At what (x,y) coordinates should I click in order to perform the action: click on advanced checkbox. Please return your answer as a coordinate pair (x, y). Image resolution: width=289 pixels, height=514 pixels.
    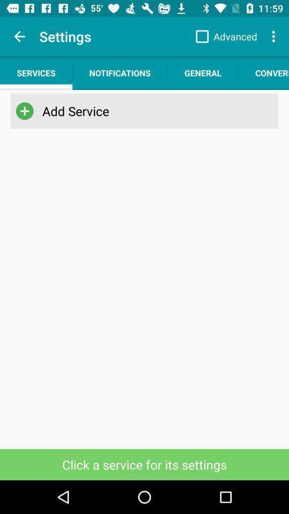
    Looking at the image, I should click on (223, 36).